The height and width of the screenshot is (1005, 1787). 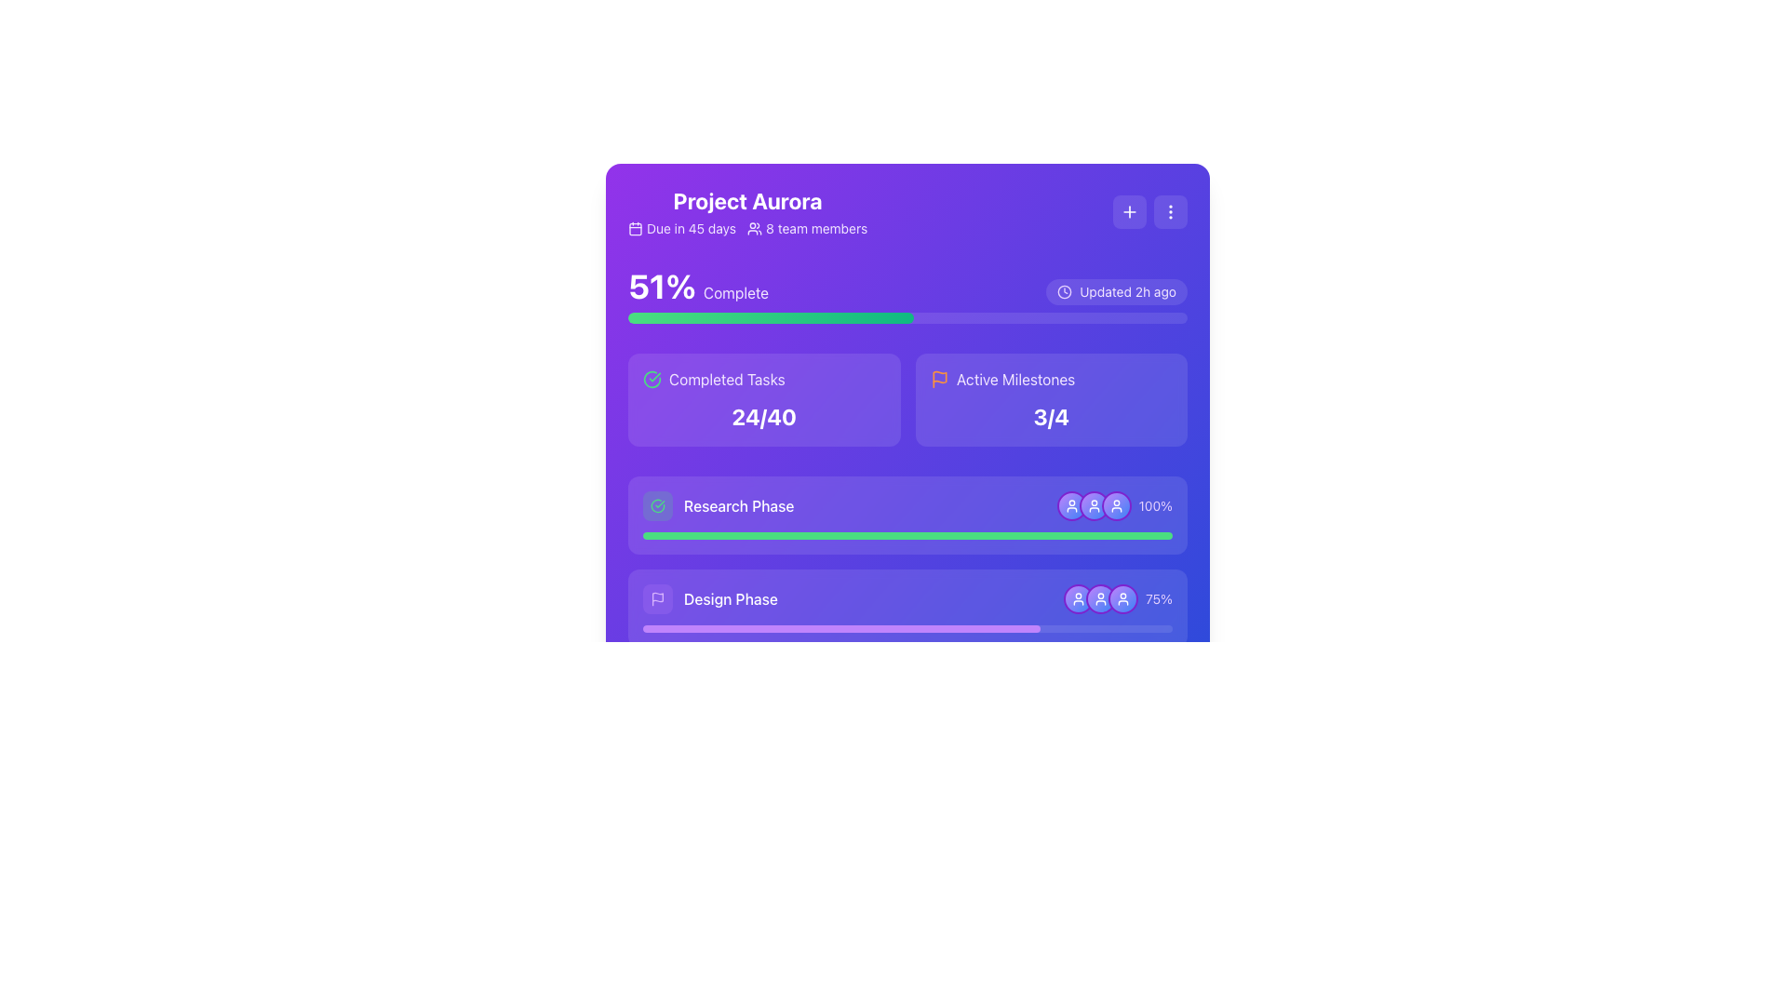 I want to click on the Info block containing the text 'Testing' and a purple flag icon by moving the cursor to its center point, so click(x=688, y=785).